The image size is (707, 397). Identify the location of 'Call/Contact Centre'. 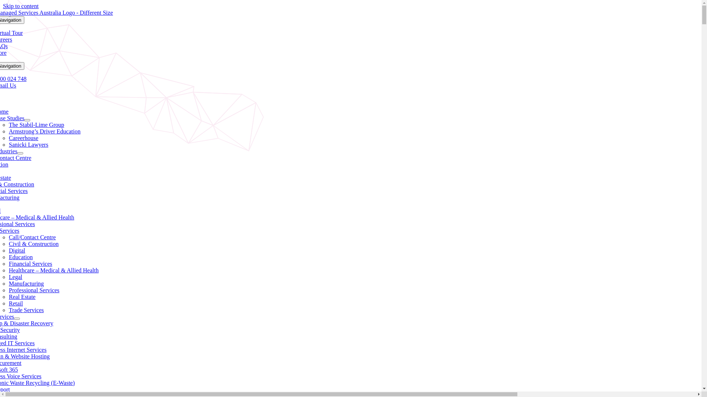
(32, 237).